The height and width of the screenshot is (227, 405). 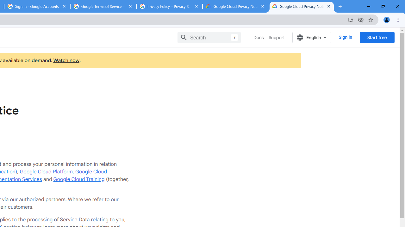 I want to click on 'Start free', so click(x=377, y=37).